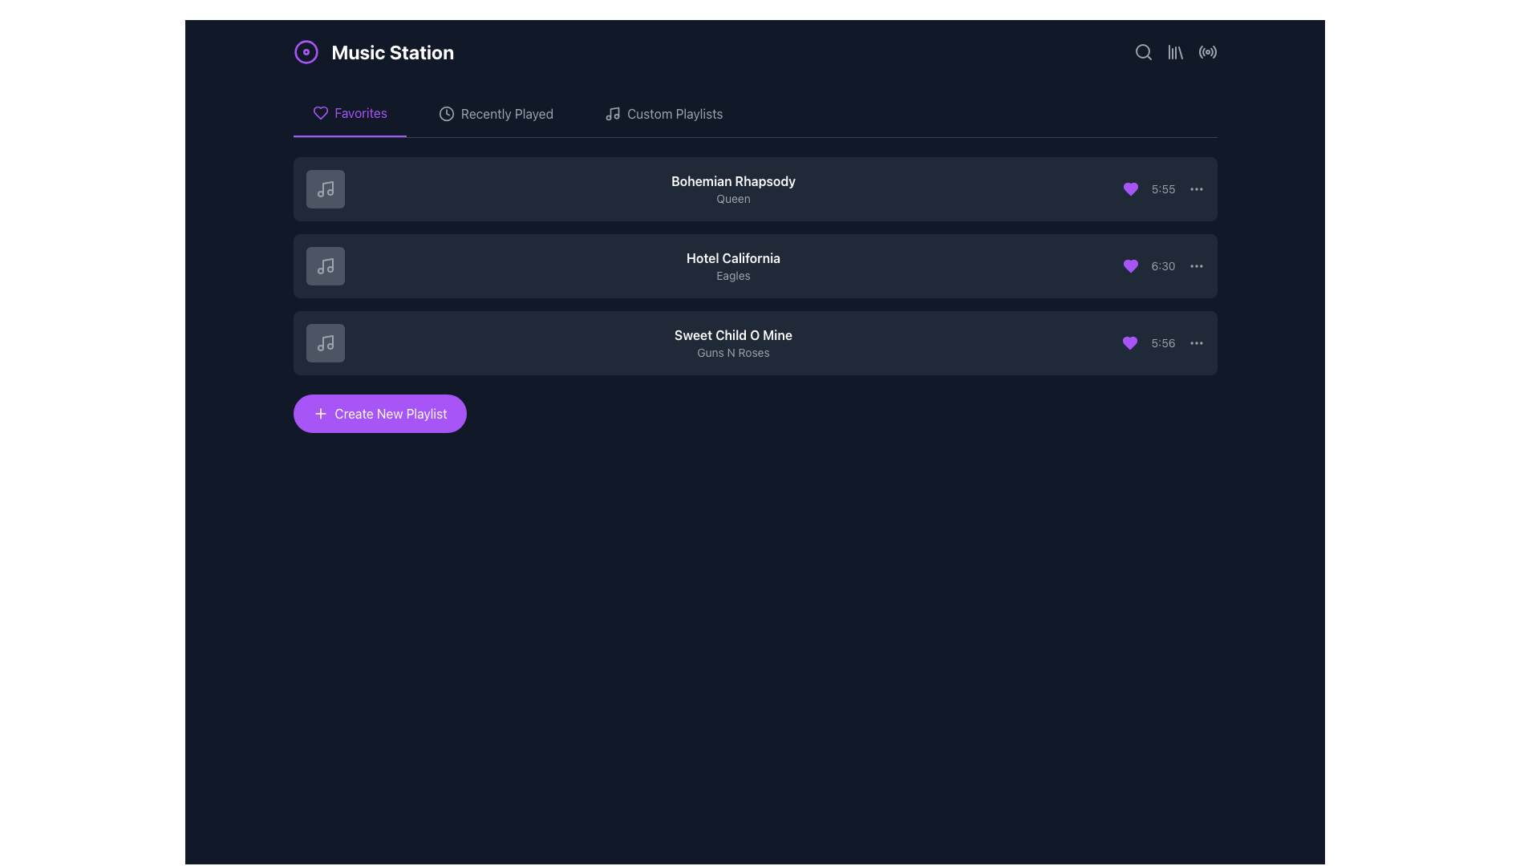 Image resolution: width=1540 pixels, height=866 pixels. Describe the element at coordinates (1129, 188) in the screenshot. I see `the clickable icon located in the top row, to the left of the displayed time '5:55'` at that location.